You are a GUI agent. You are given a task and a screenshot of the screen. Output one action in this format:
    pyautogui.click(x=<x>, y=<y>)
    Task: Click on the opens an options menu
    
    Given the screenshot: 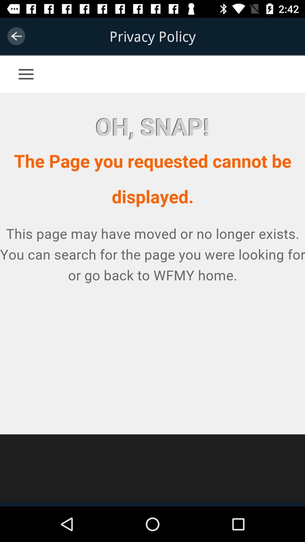 What is the action you would take?
    pyautogui.click(x=37, y=68)
    